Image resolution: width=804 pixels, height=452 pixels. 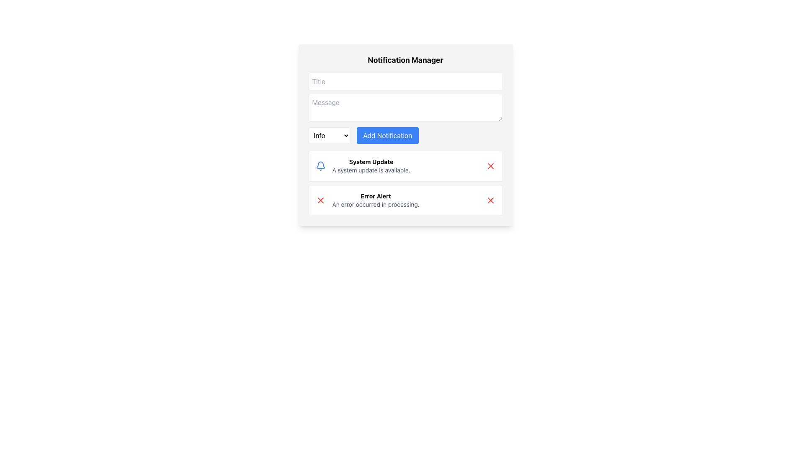 I want to click on the blue bell icon representing notifications, so click(x=320, y=166).